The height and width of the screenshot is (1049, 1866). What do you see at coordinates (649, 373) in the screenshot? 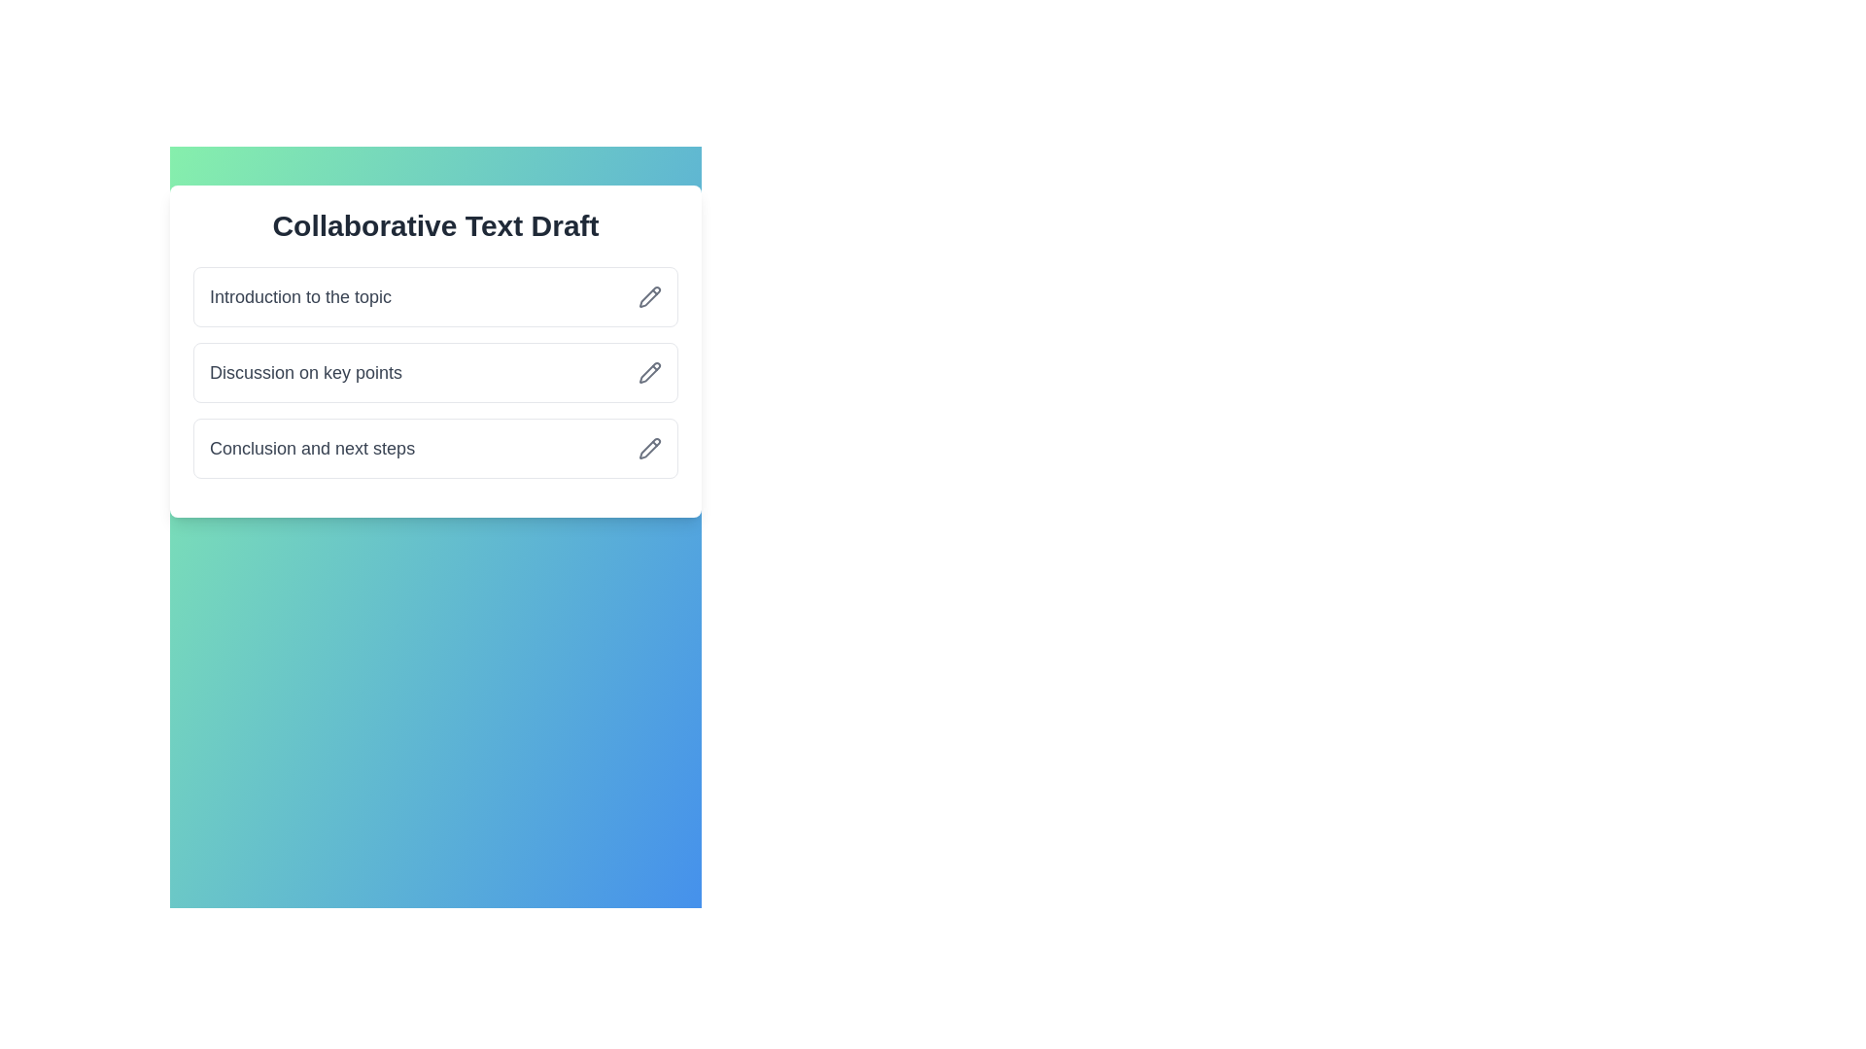
I see `the small gray pencil icon located at the top right corner of the 'Discussion on key points' row to initiate editing` at bounding box center [649, 373].